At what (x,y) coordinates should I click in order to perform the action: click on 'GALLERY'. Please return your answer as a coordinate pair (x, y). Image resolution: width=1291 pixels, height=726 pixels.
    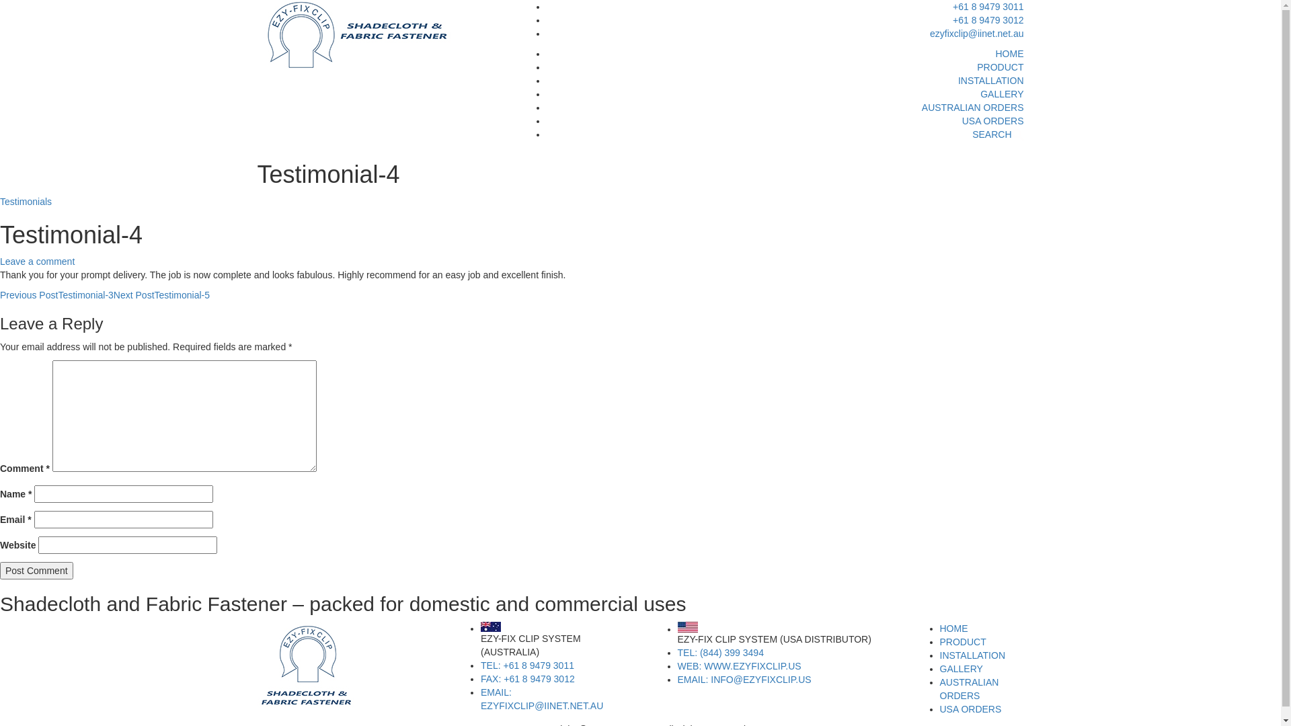
    Looking at the image, I should click on (1001, 93).